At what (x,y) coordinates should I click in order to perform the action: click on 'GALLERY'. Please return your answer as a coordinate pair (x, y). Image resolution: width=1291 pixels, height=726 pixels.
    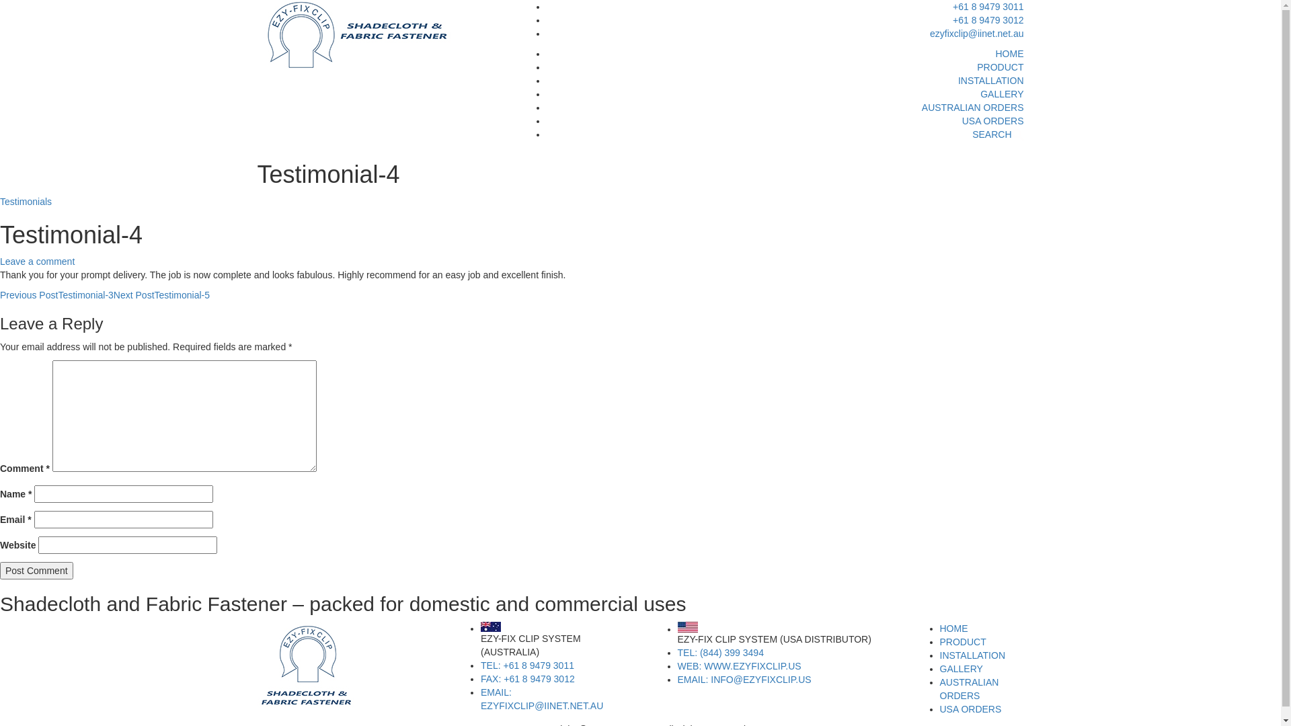
    Looking at the image, I should click on (1001, 93).